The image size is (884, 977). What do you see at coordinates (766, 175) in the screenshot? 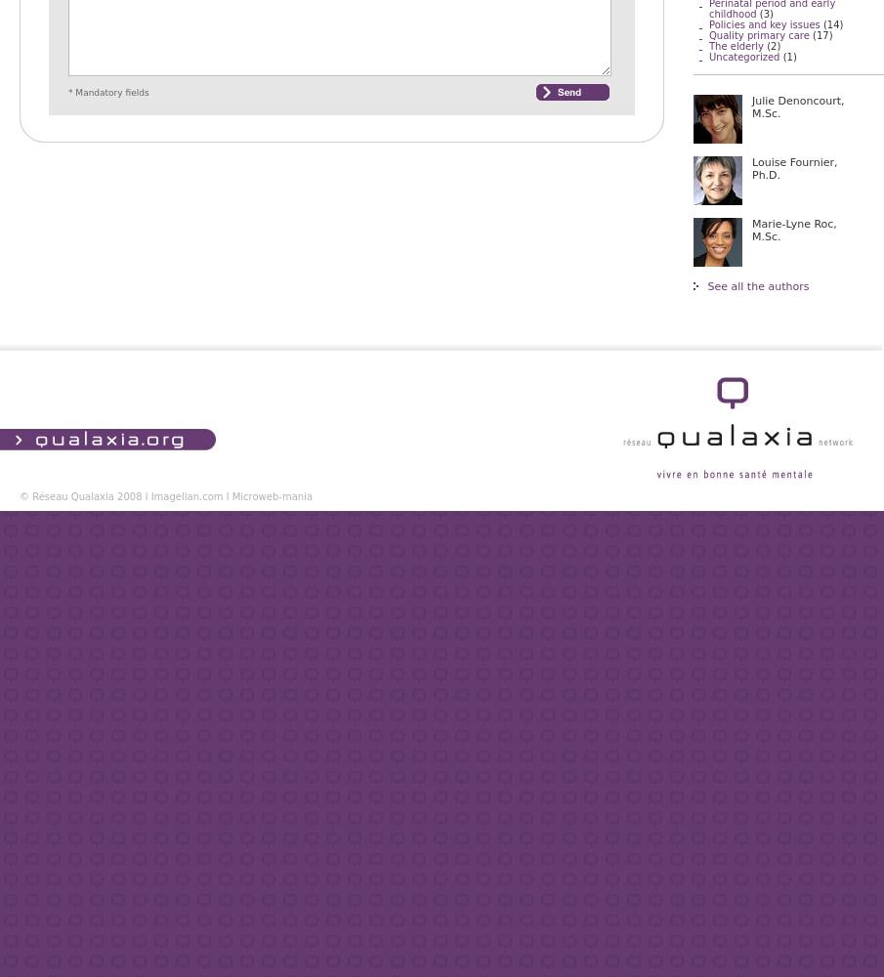
I see `'Ph.D.'` at bounding box center [766, 175].